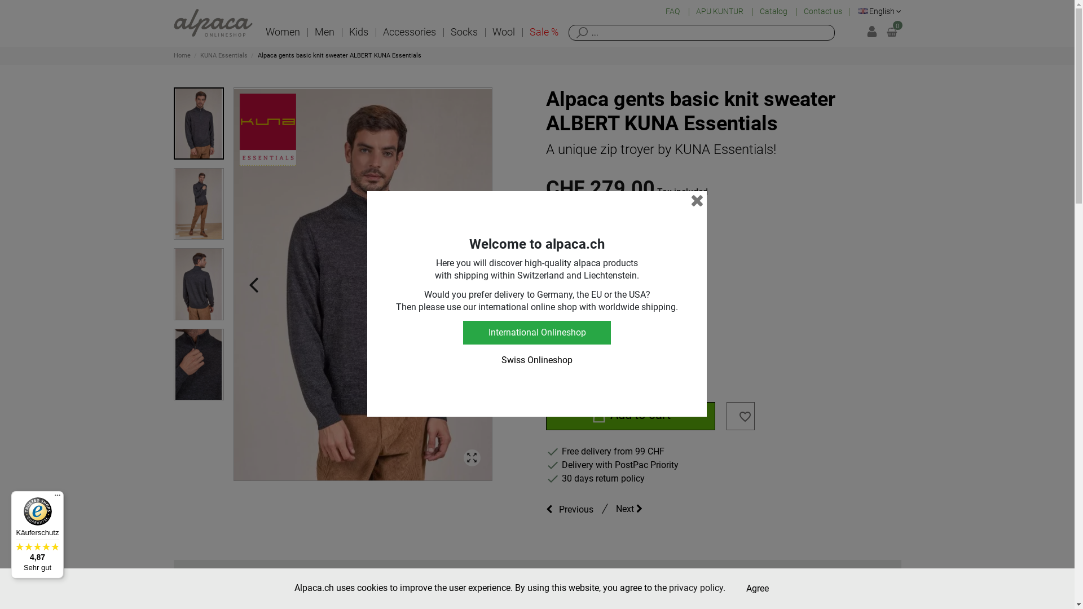 The width and height of the screenshot is (1083, 609). I want to click on 'Agree', so click(758, 588).